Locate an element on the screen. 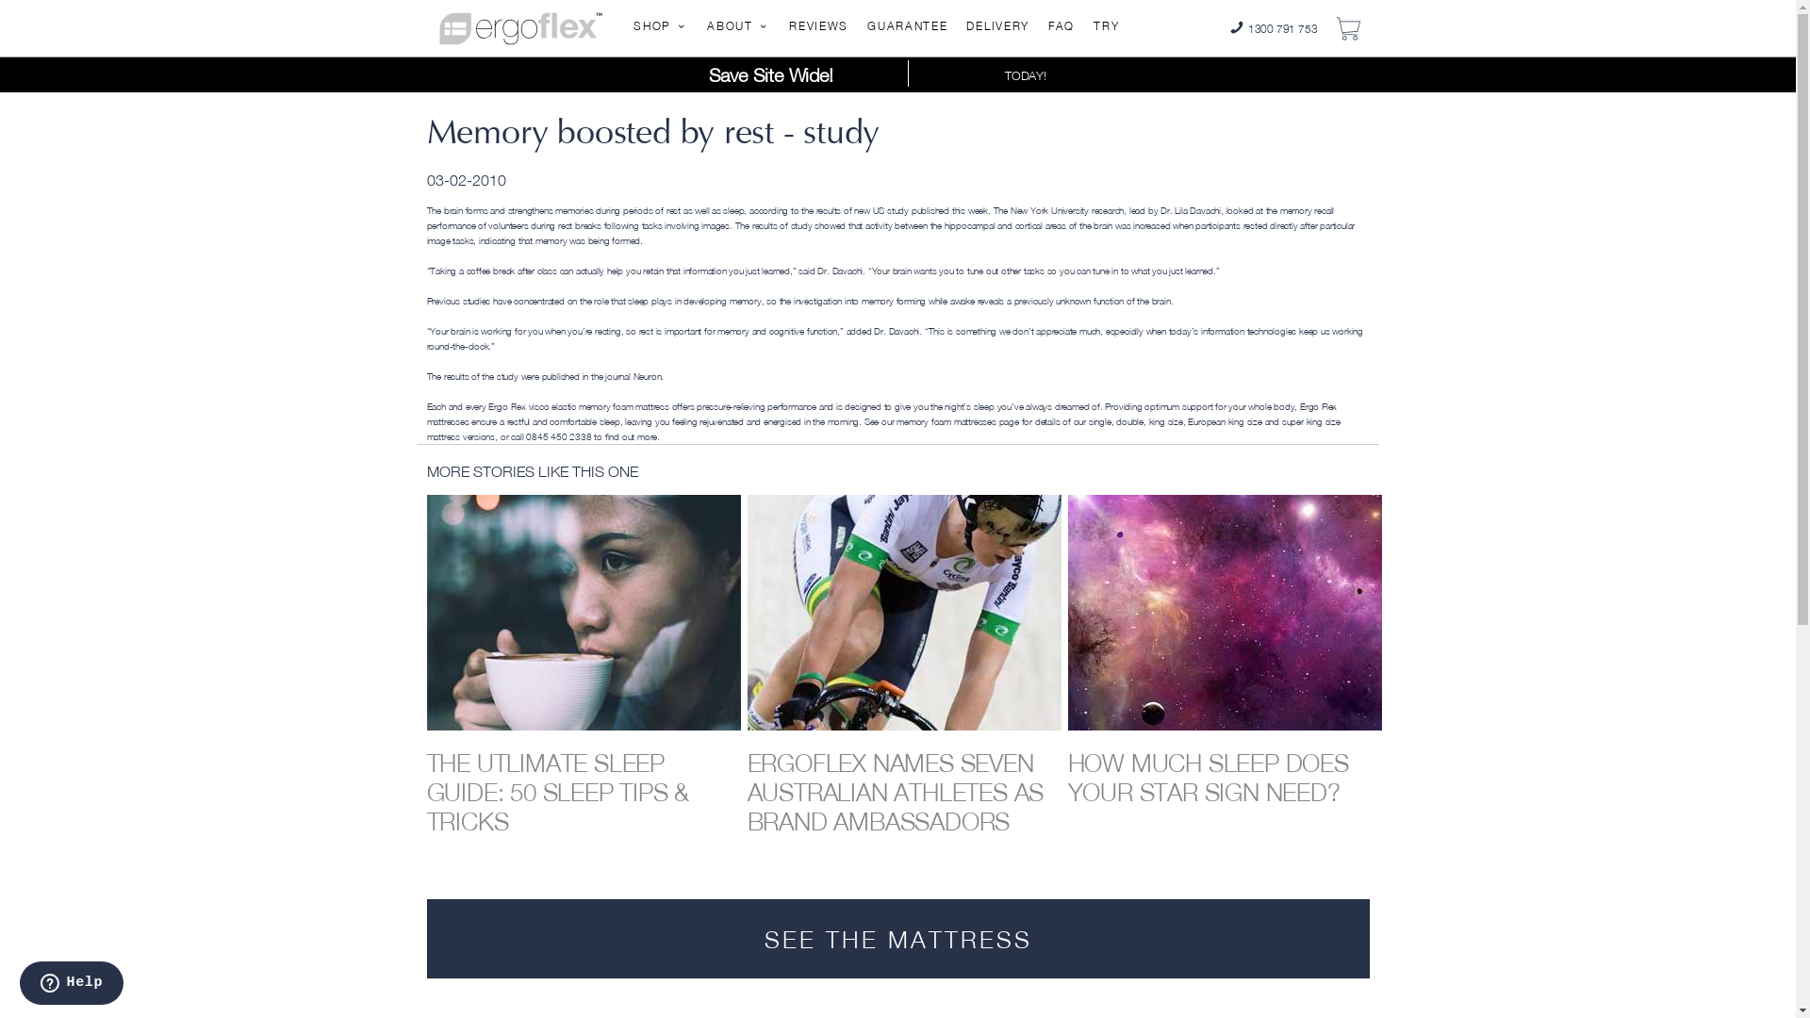  'TRY' is located at coordinates (1106, 25).